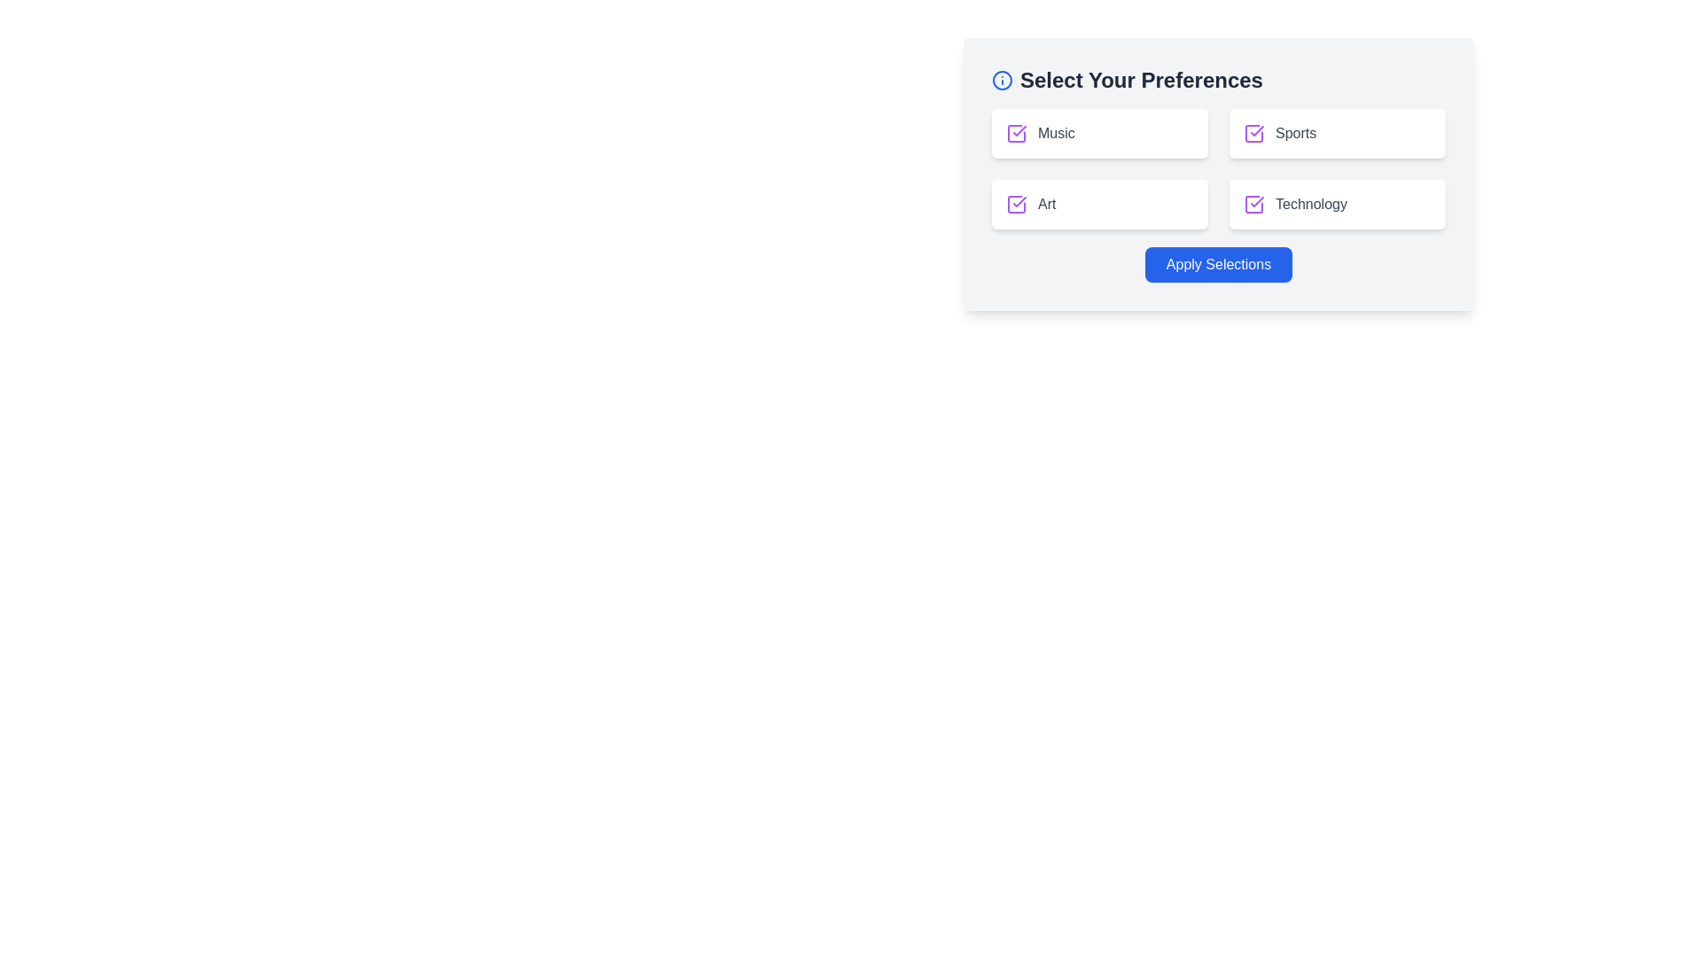 The image size is (1702, 957). Describe the element at coordinates (1253, 204) in the screenshot. I see `the purple checkmark icon inside a square outline located in the bottom-right cell of the preference selection grid to check for selection feedback` at that location.